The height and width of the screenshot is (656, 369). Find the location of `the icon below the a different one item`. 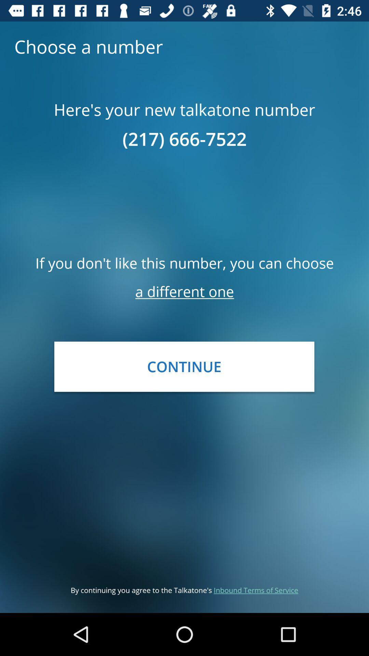

the icon below the a different one item is located at coordinates (184, 366).